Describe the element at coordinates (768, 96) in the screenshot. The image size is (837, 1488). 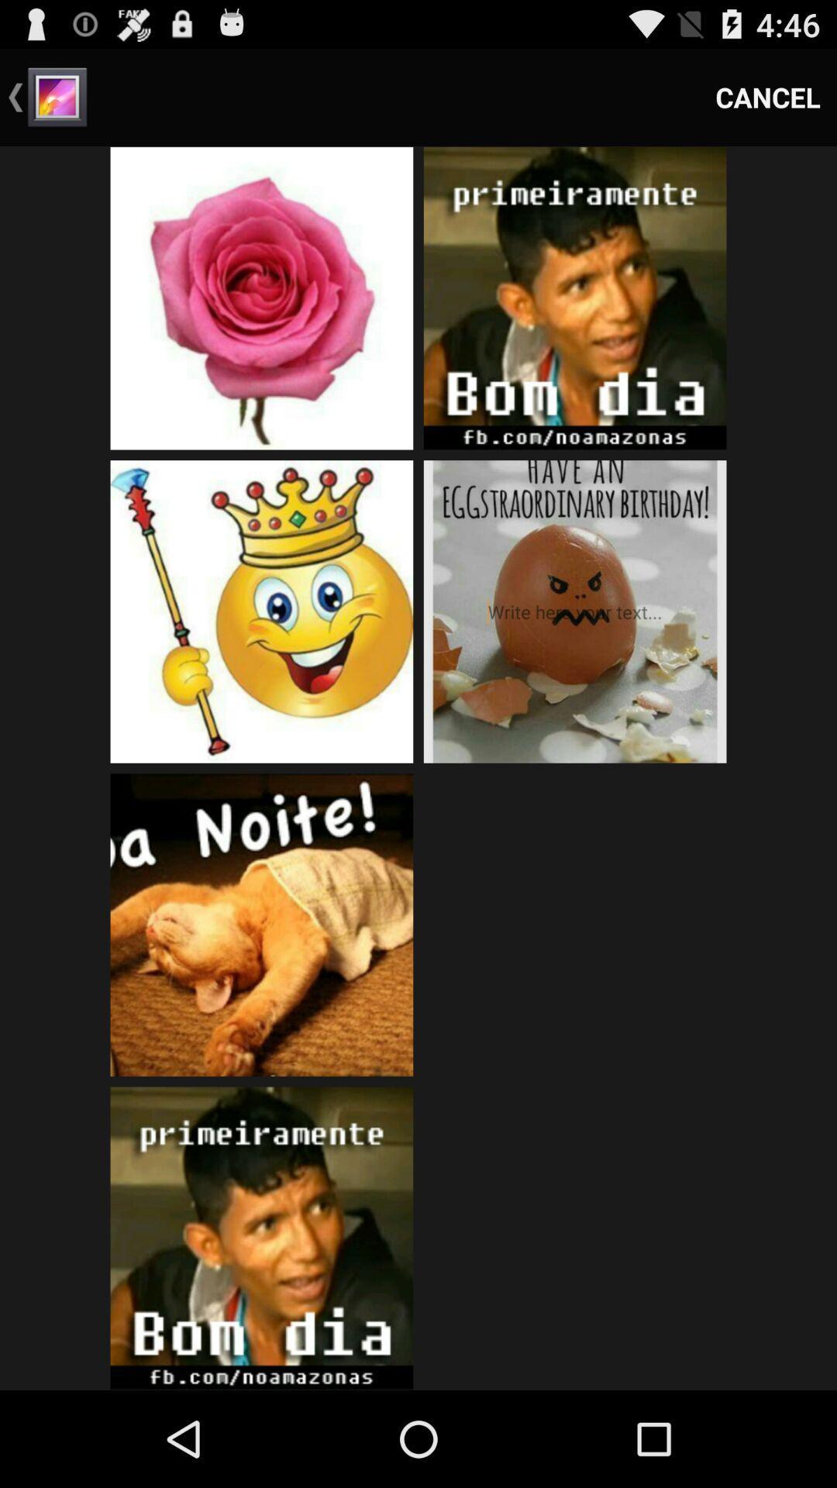
I see `the cancel item` at that location.